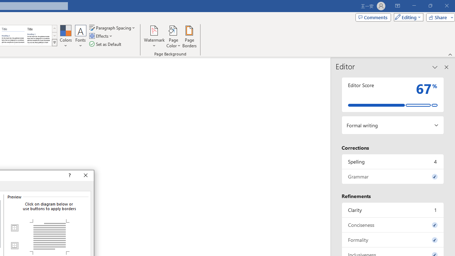 This screenshot has width=455, height=256. I want to click on 'Editing', so click(407, 17).